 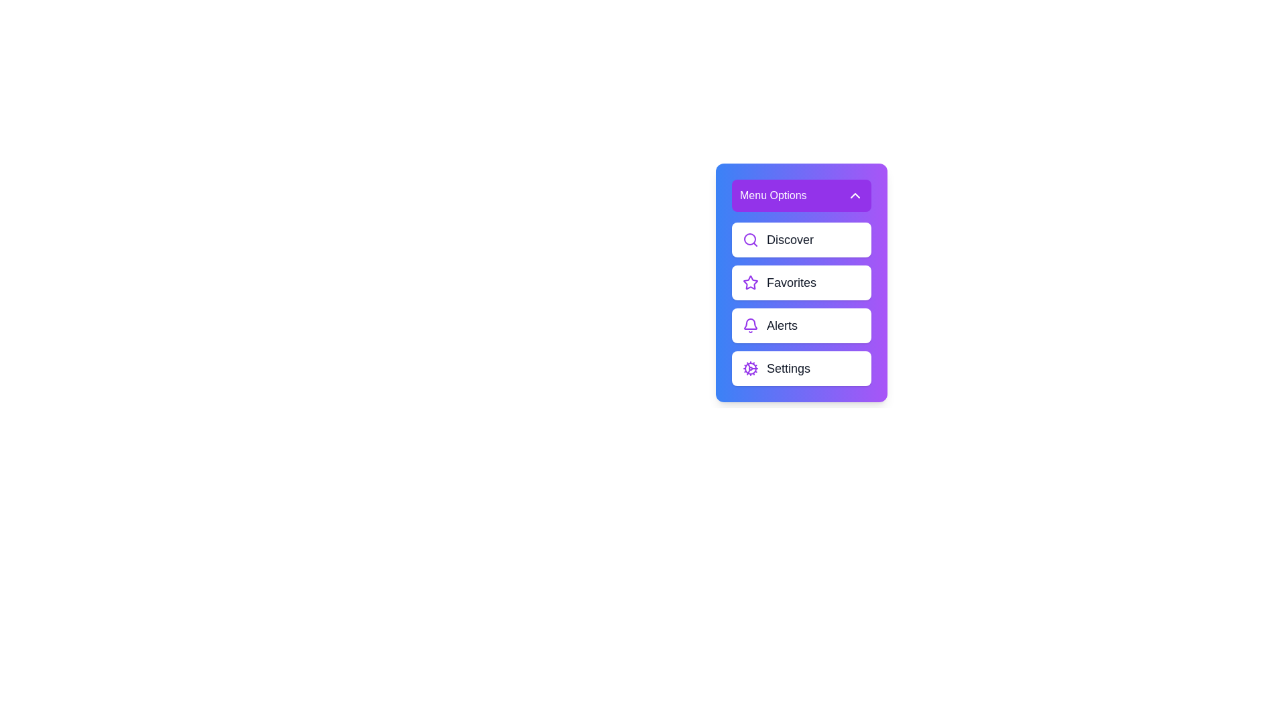 What do you see at coordinates (801, 282) in the screenshot?
I see `the 'Favorites' button, which is a rectangular button with a purple star icon and a bold label, located in a vertical menu between 'Discover' and 'Alerts'` at bounding box center [801, 282].